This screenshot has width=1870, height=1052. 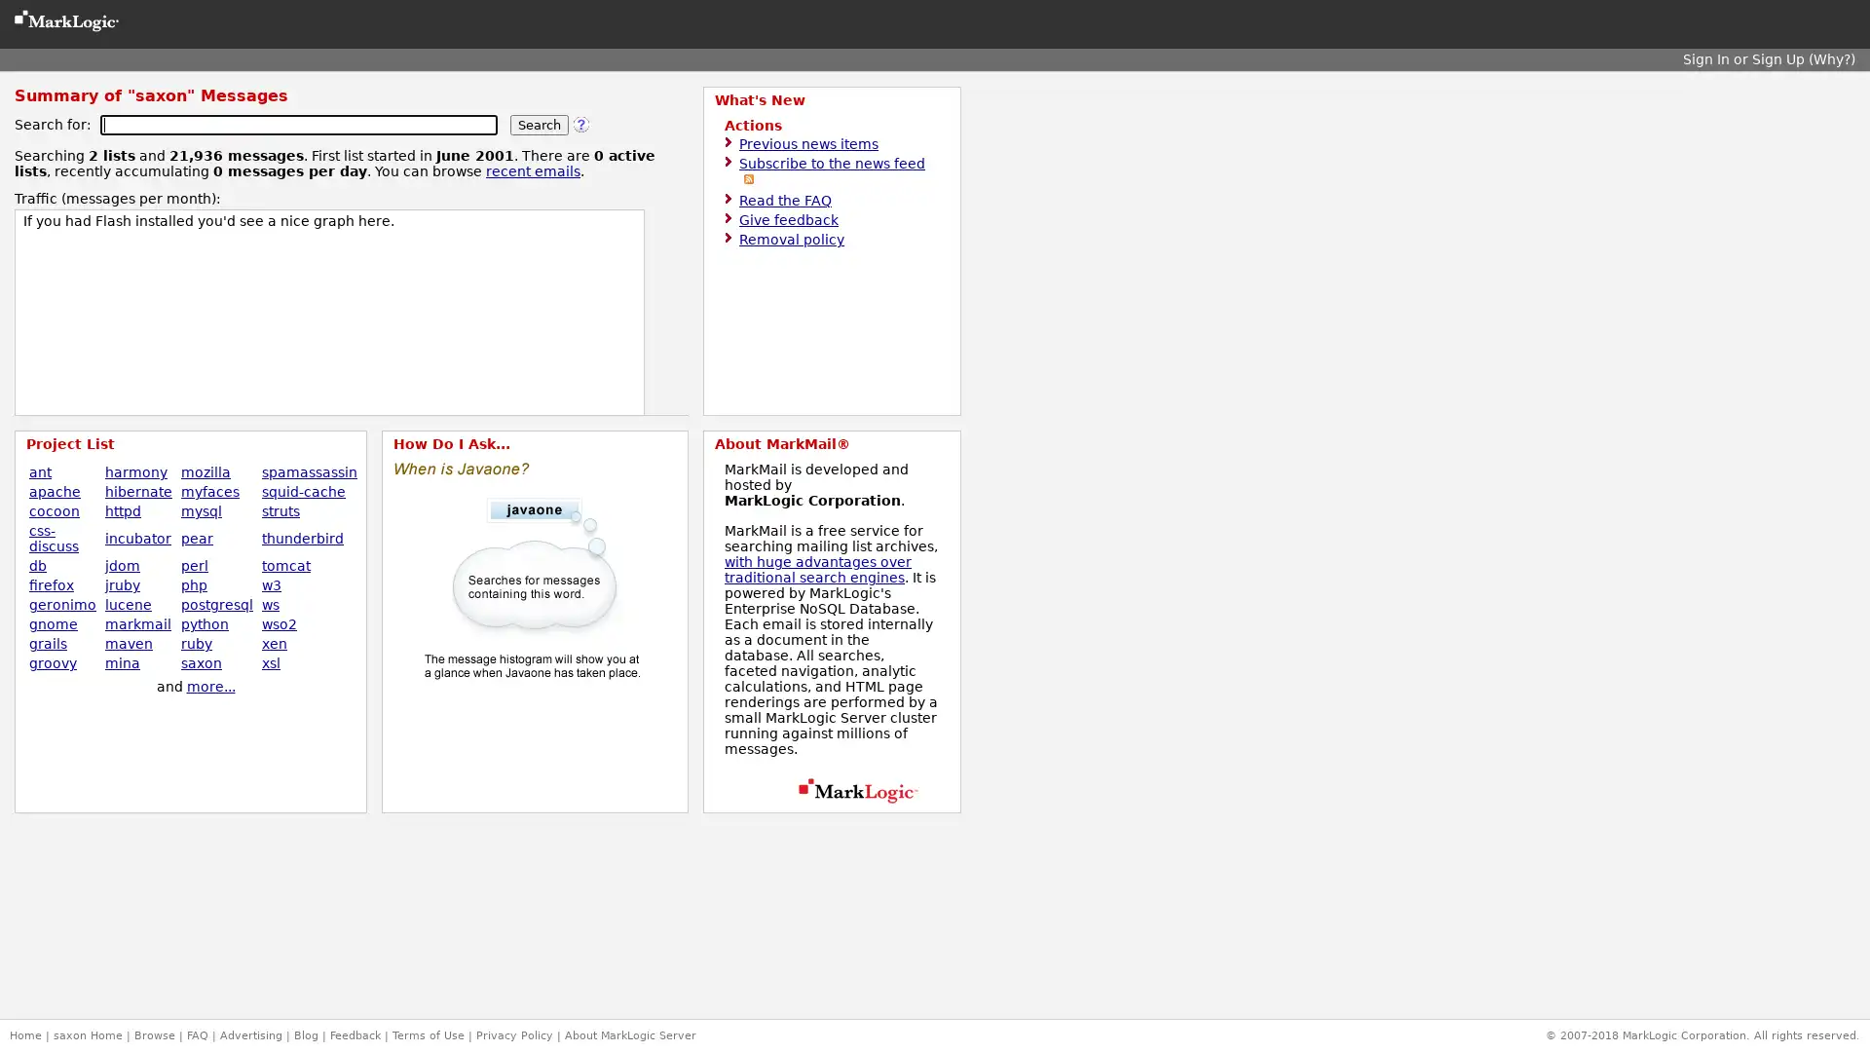 I want to click on Search, so click(x=539, y=125).